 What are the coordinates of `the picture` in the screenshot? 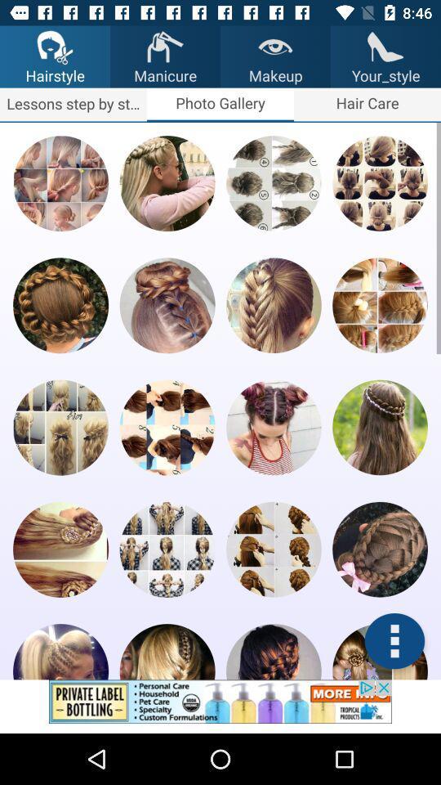 It's located at (220, 706).